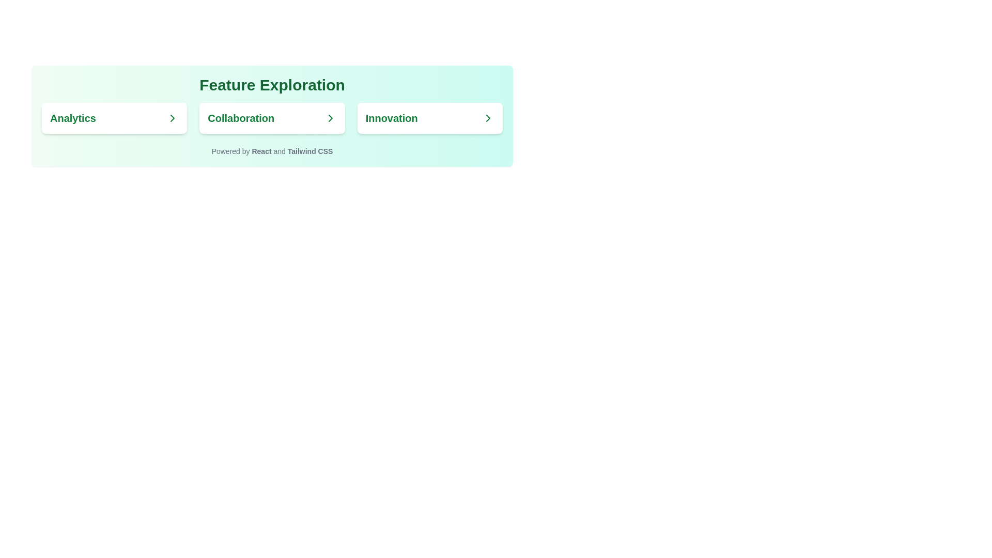  I want to click on the third chevron icon located centrally within the 'Innovation' button, so click(488, 117).